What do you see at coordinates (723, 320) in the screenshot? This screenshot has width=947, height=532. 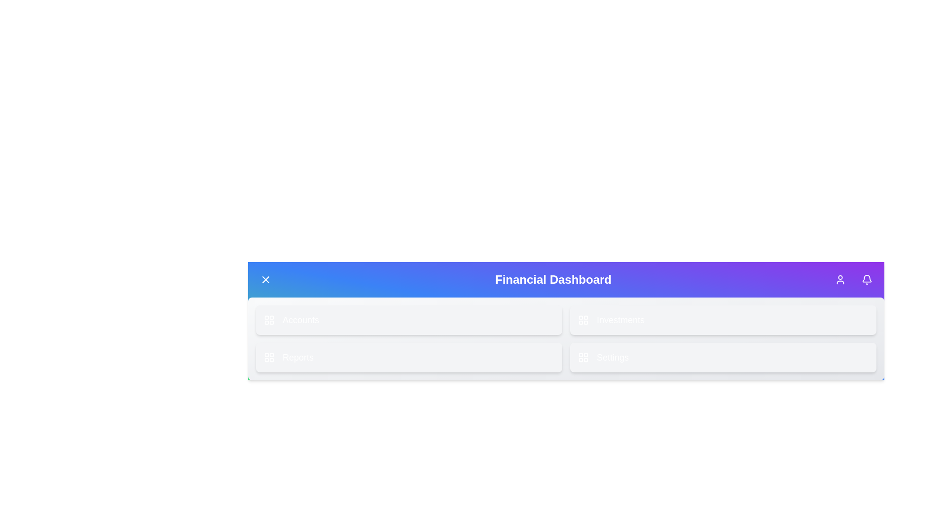 I see `the 'Investments' section button` at bounding box center [723, 320].